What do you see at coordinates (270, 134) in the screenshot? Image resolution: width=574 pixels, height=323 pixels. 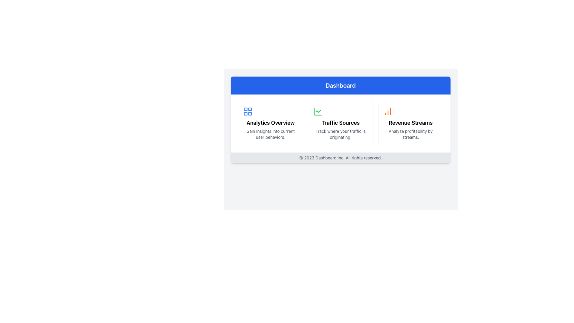 I see `text content displaying 'Gain insights into current user behaviors.' located in the lower section of the 'Analytics Overview' card` at bounding box center [270, 134].